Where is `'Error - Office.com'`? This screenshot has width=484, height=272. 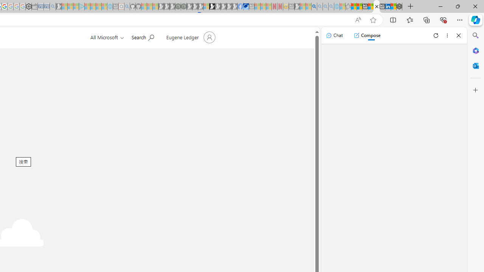
'Error - Office.com' is located at coordinates (377, 6).